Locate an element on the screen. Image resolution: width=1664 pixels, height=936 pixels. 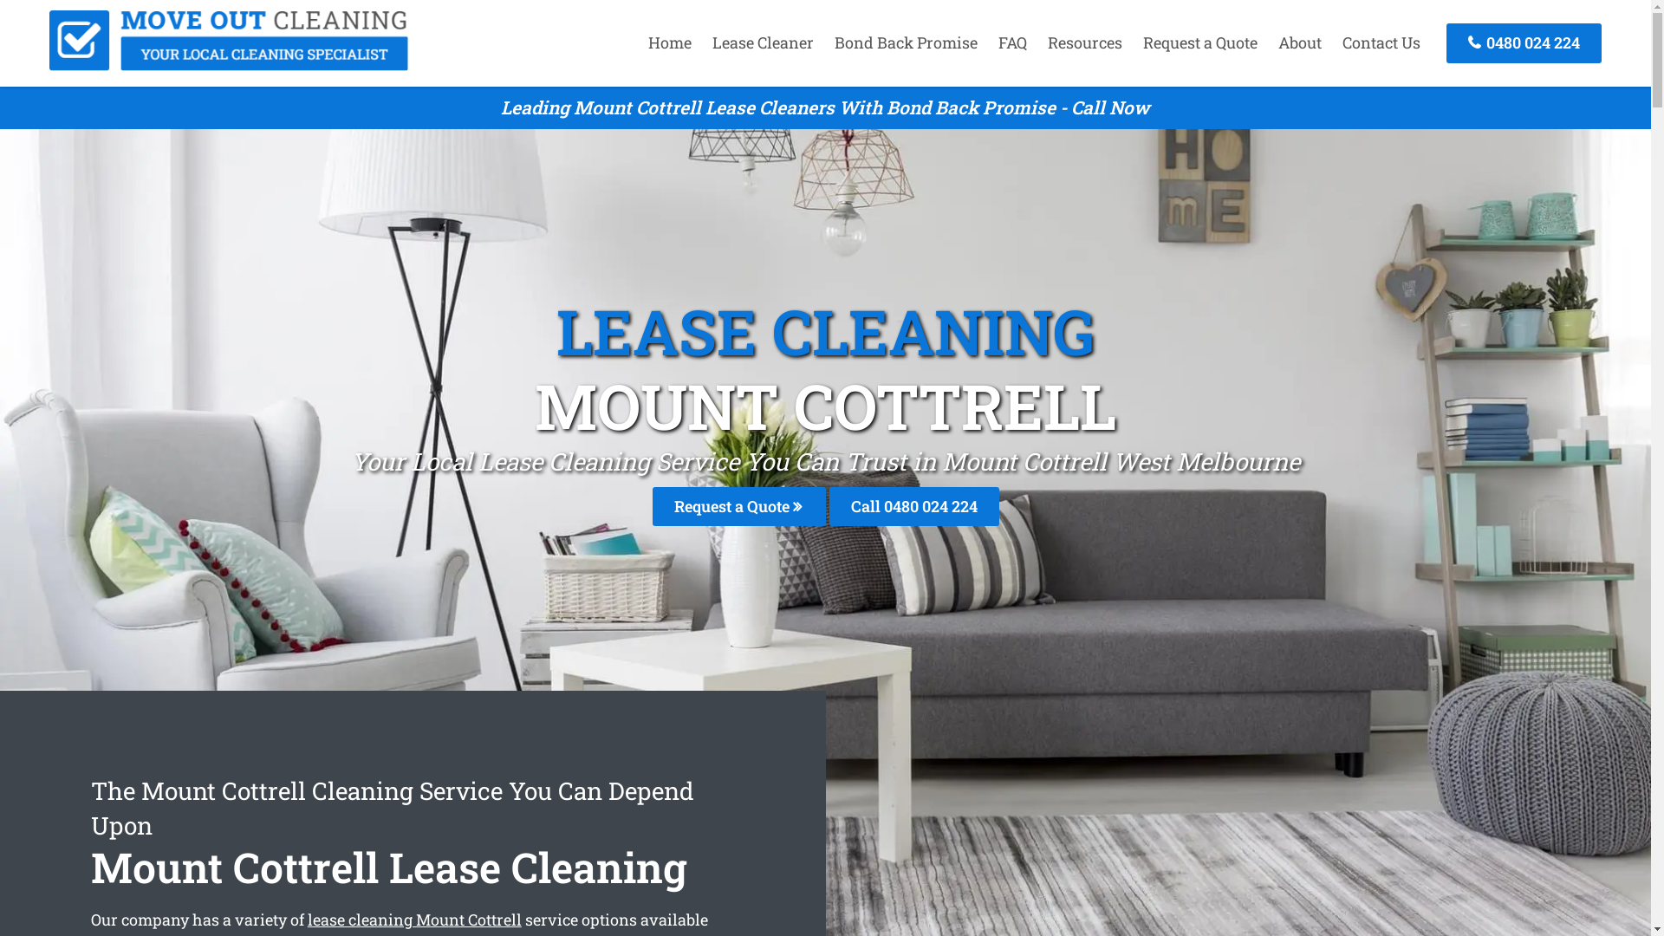
'Home' is located at coordinates (668, 42).